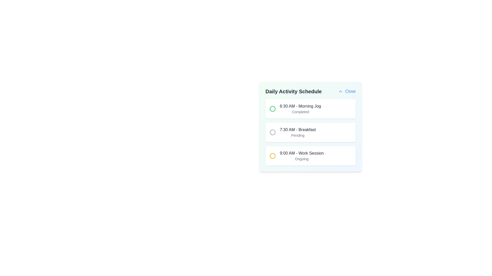 This screenshot has width=492, height=276. I want to click on information displayed in the third item of the 'Daily Activity Schedule' section, which shows '9:00 AM - Work Session' and 'Ongoing', so click(310, 155).